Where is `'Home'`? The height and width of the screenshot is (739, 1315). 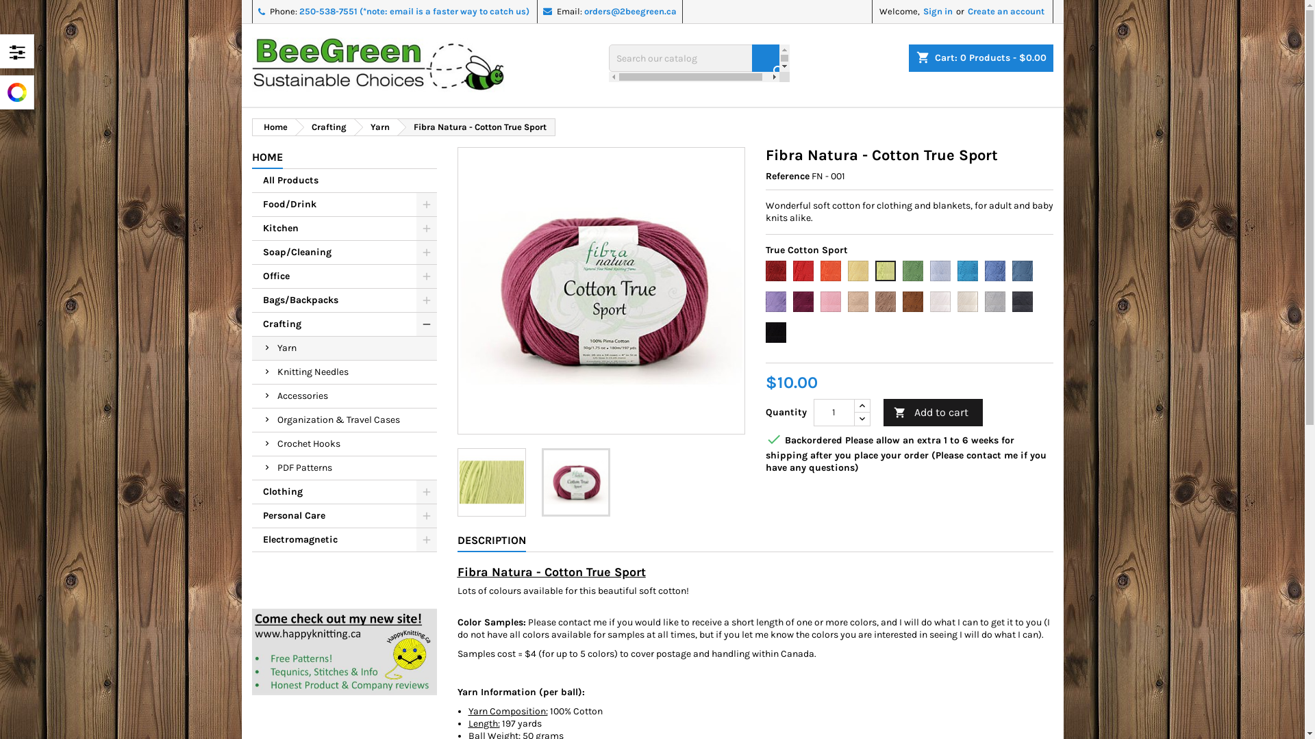
'Home' is located at coordinates (273, 127).